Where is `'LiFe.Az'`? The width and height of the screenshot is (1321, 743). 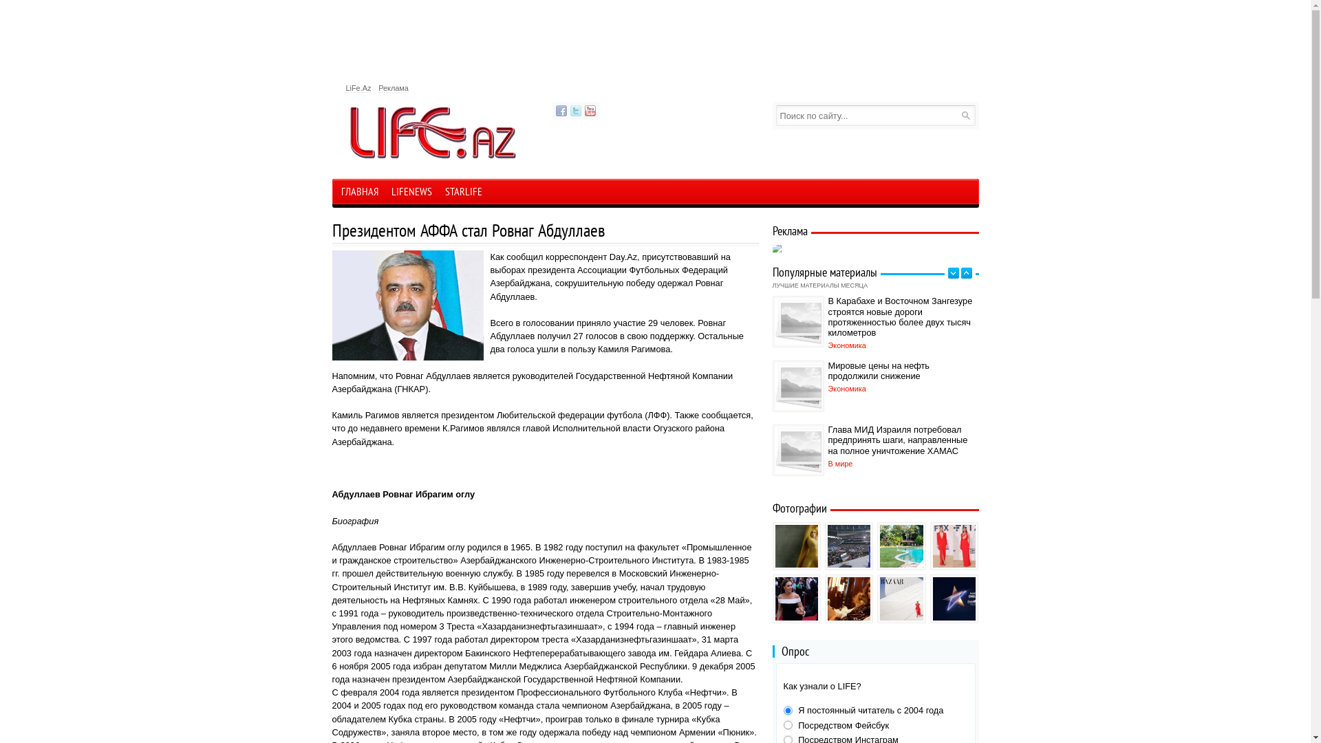 'LiFe.Az' is located at coordinates (345, 88).